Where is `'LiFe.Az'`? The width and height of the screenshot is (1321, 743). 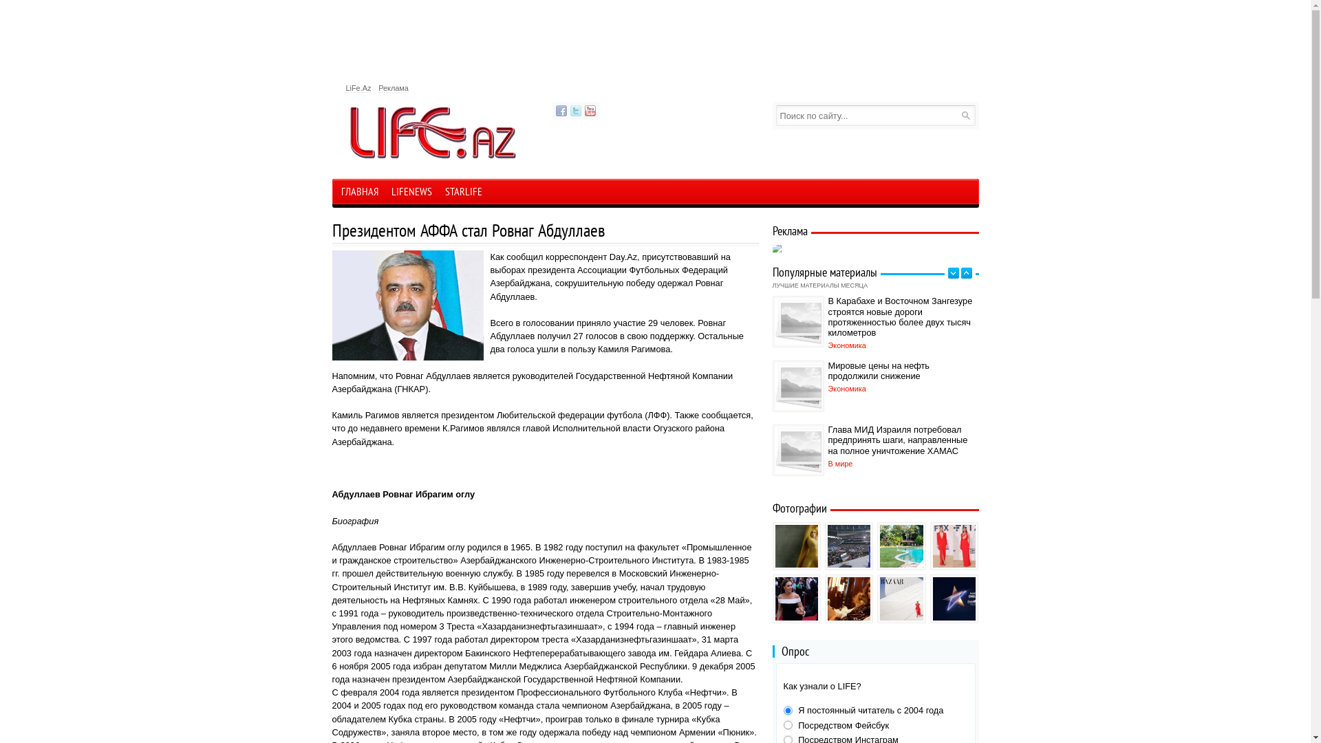 'LiFe.Az' is located at coordinates (345, 88).